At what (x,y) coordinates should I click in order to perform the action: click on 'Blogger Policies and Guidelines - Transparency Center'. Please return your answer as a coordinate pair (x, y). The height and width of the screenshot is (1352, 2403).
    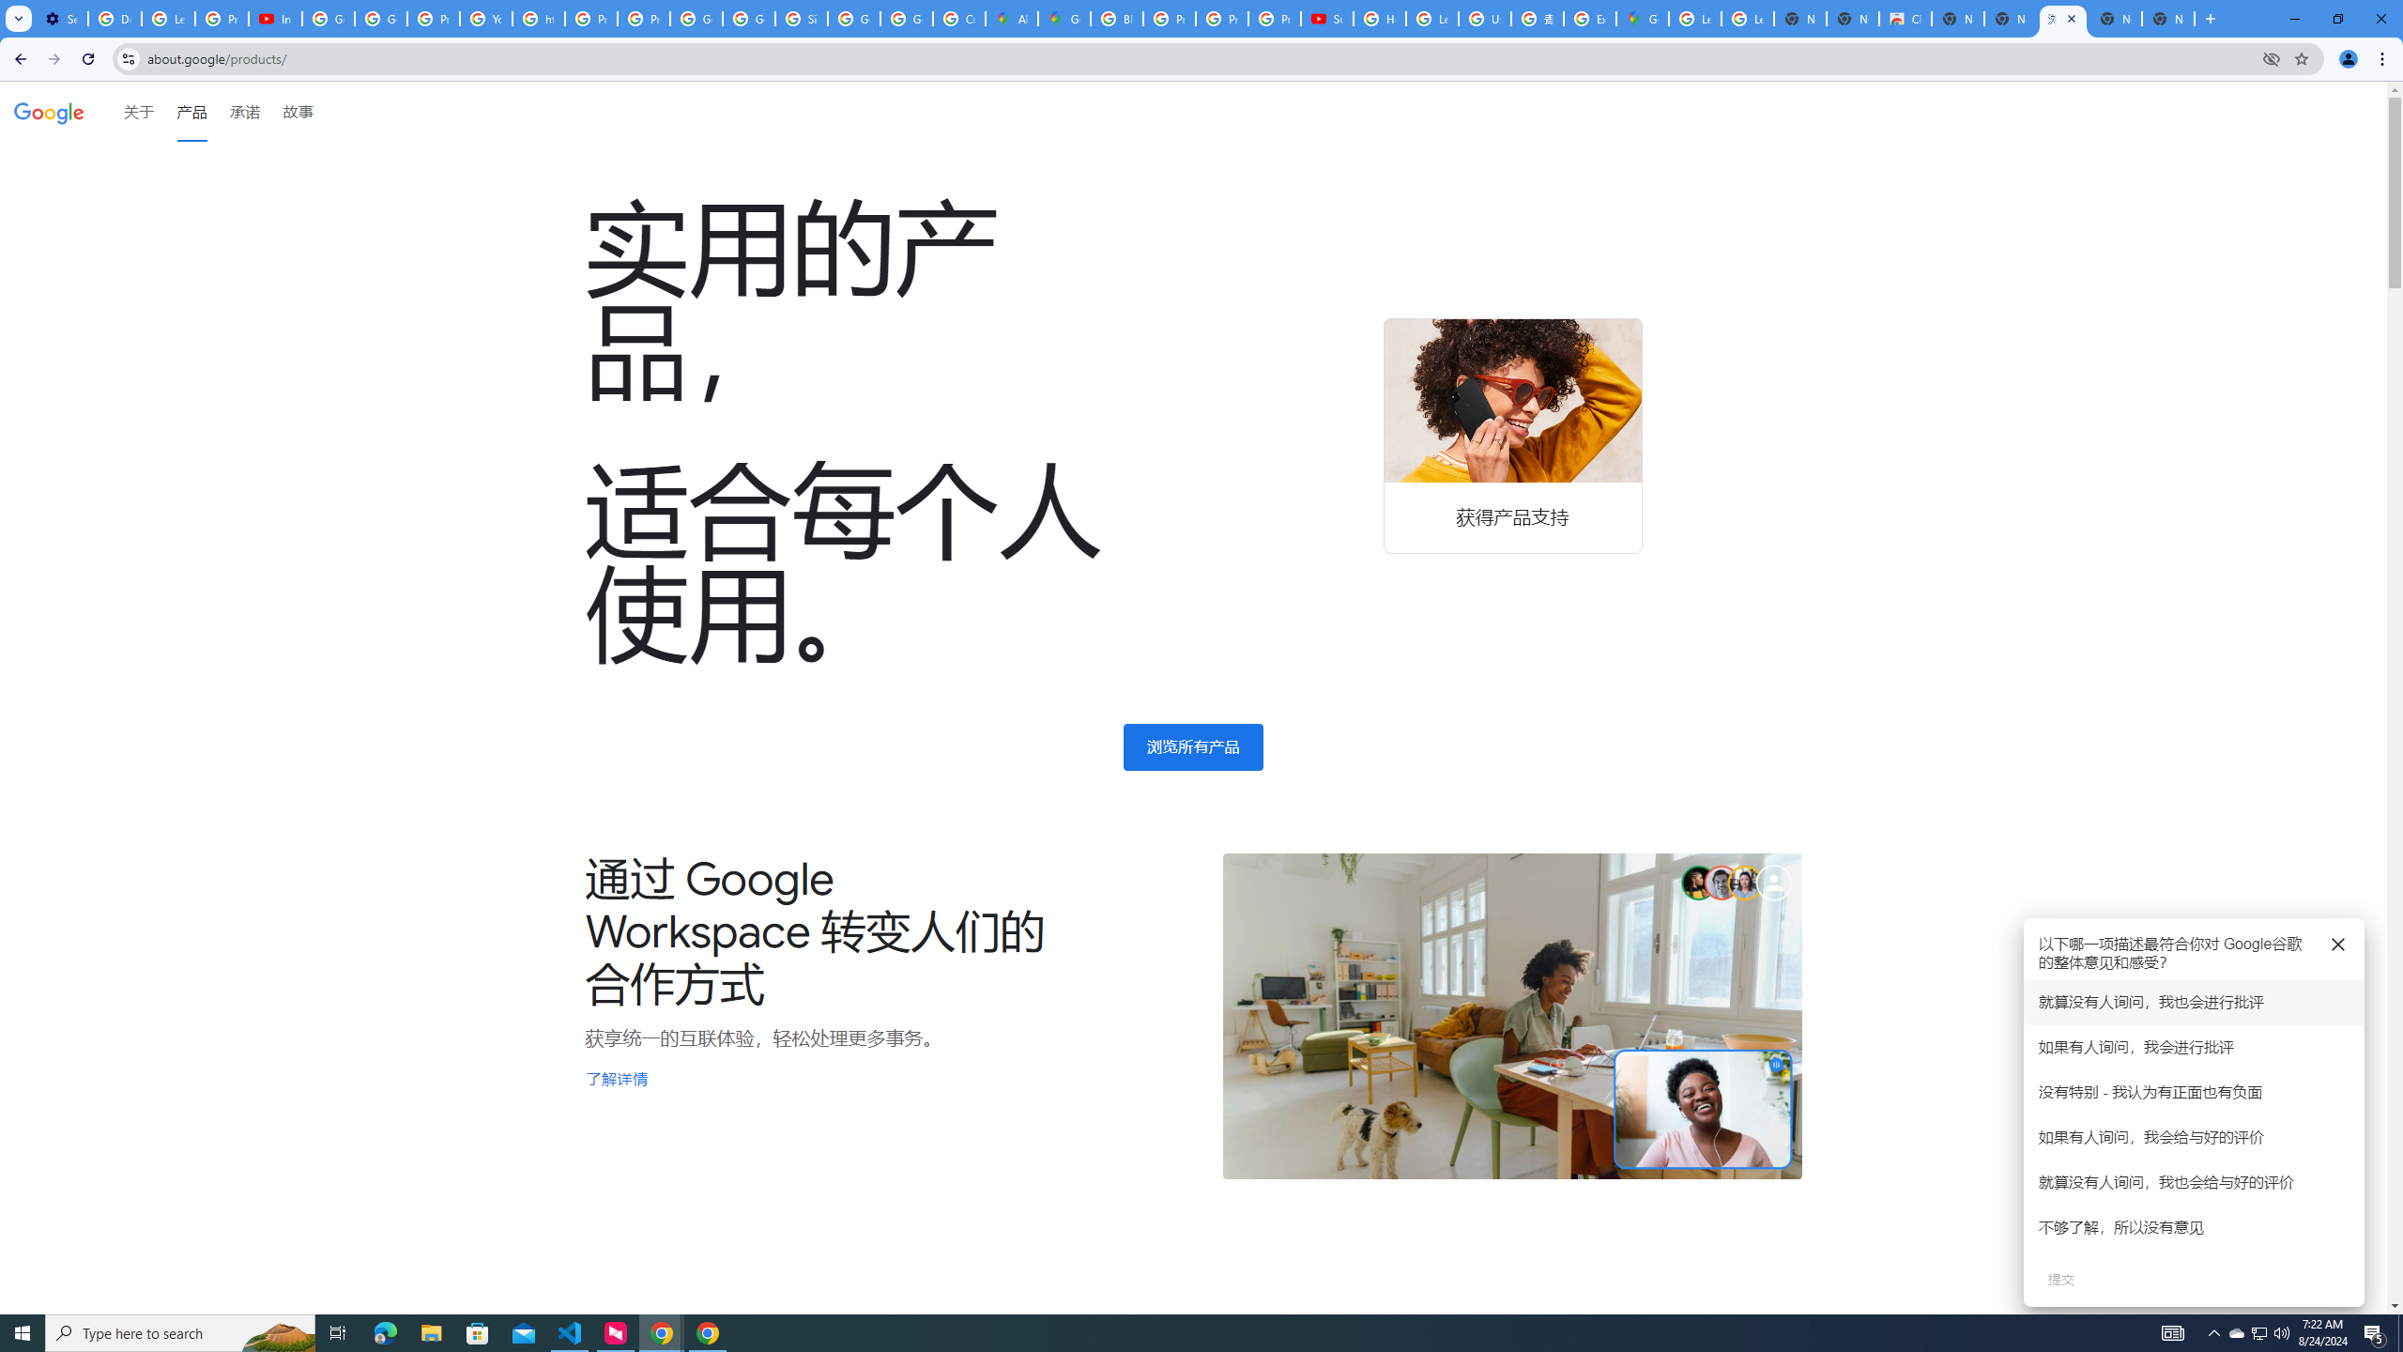
    Looking at the image, I should click on (1116, 18).